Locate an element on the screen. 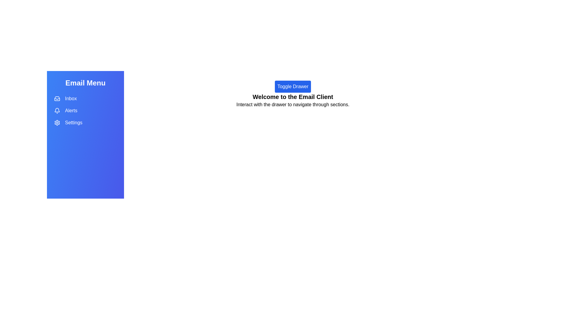  the menu item Settings to navigate to the corresponding section is located at coordinates (85, 122).